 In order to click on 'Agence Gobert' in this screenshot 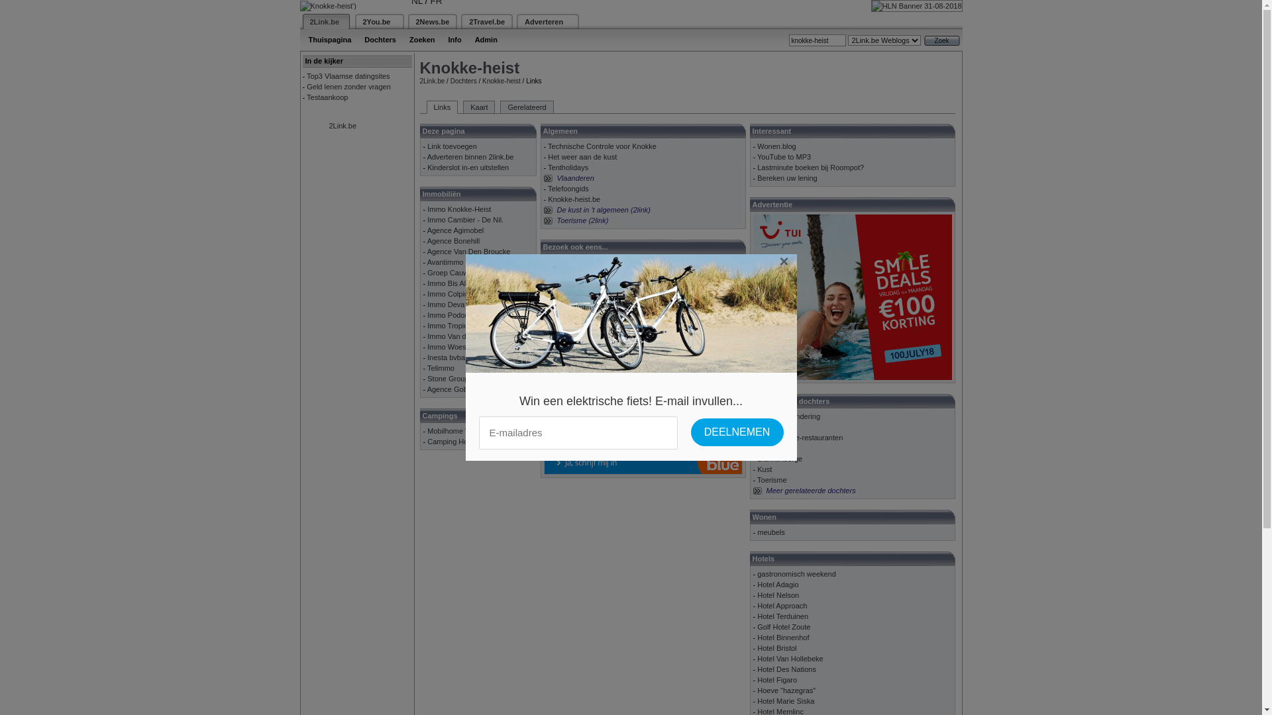, I will do `click(427, 388)`.